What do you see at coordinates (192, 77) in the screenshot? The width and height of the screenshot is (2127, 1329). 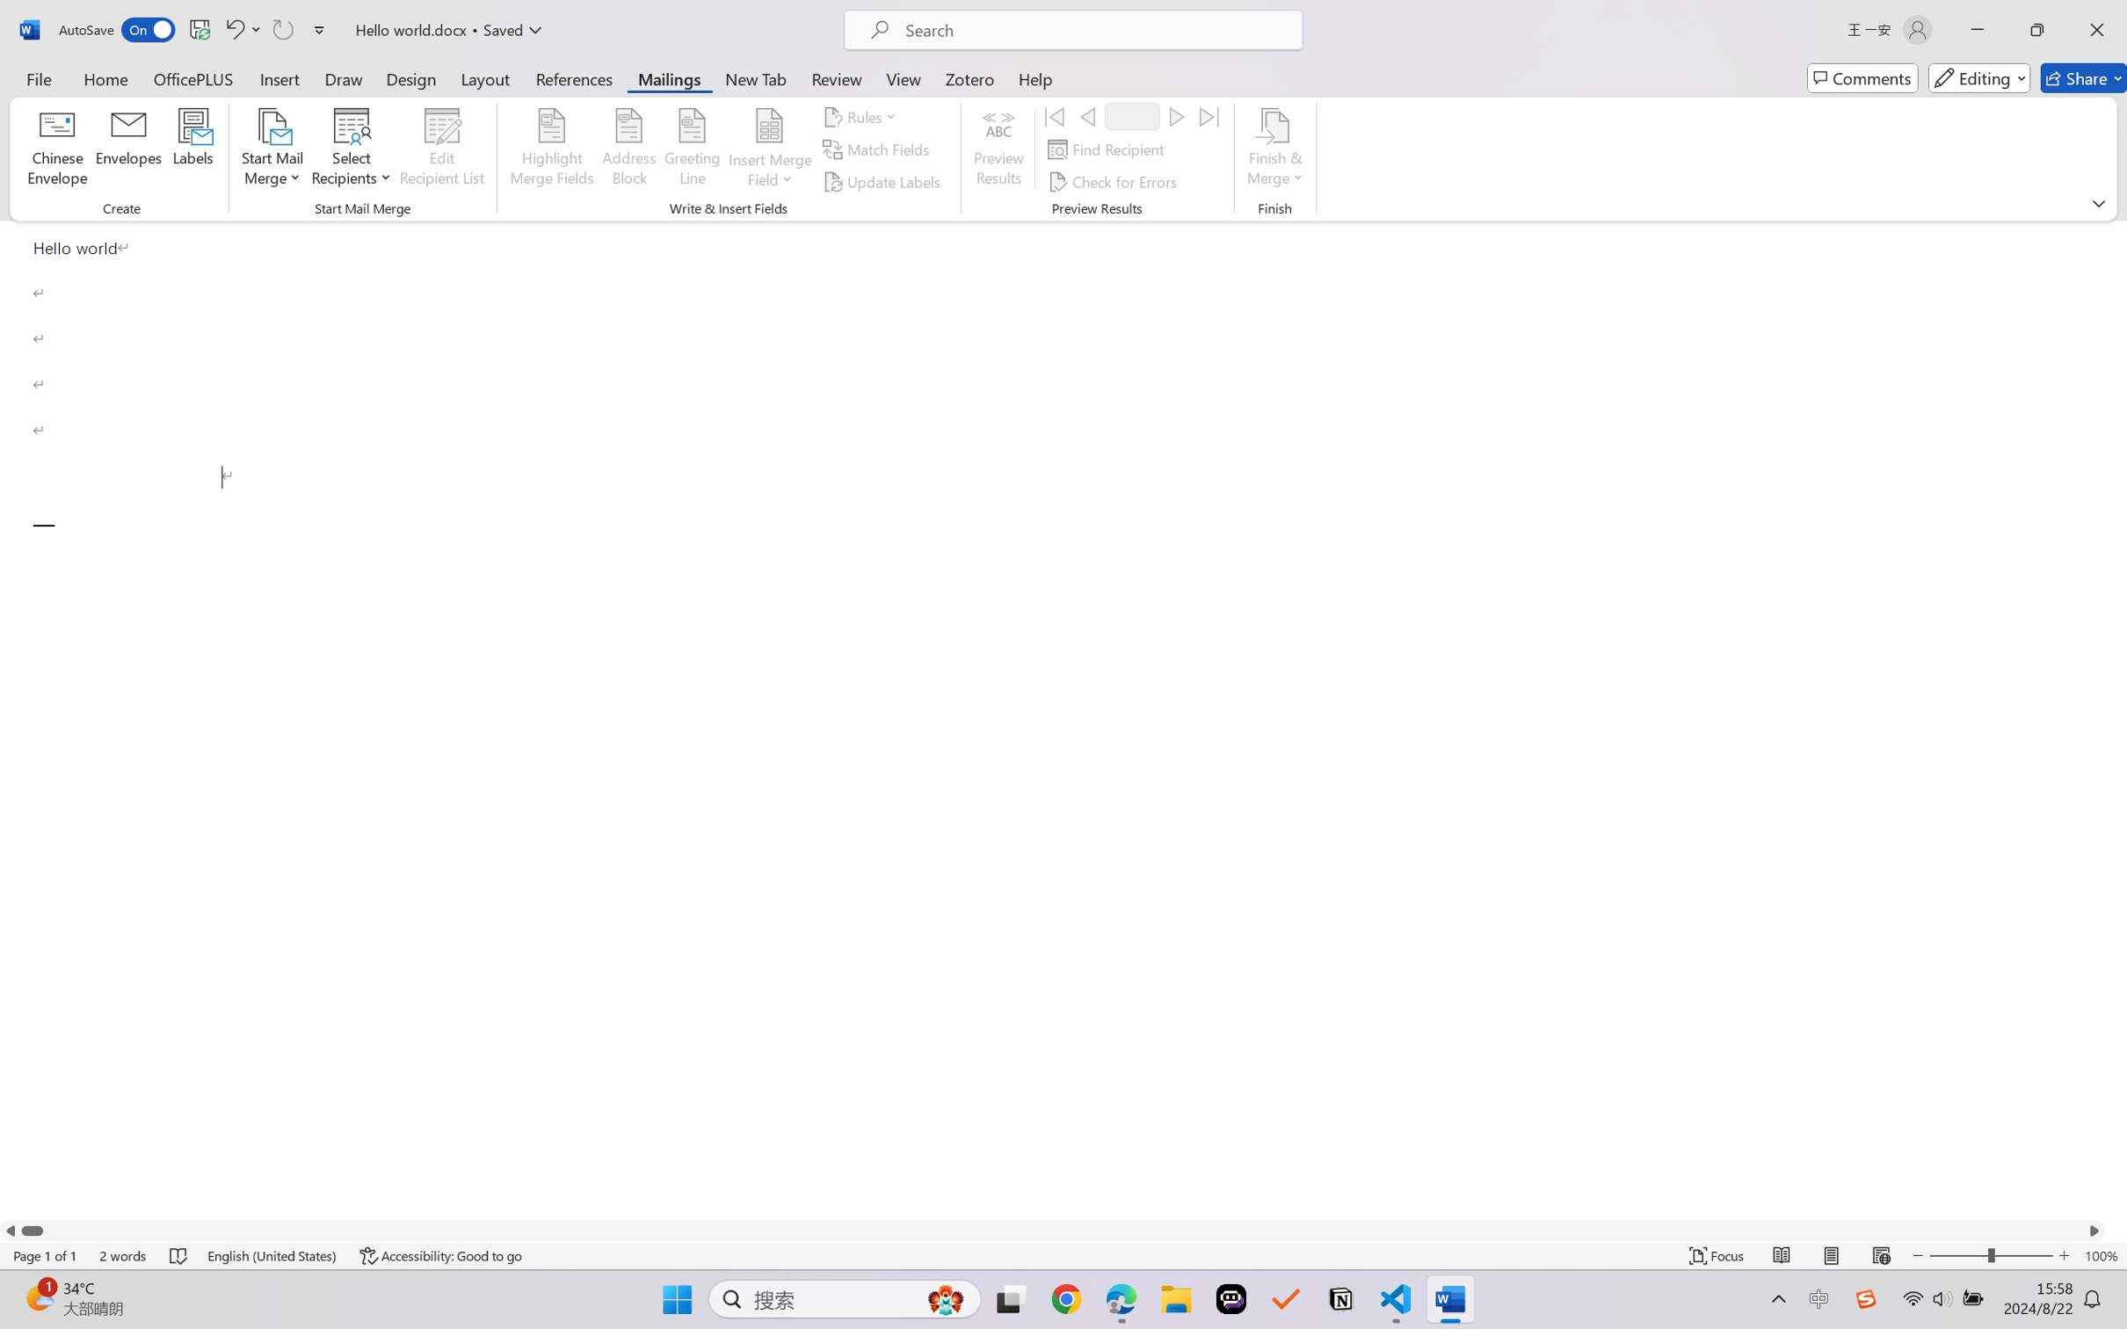 I see `'OfficePLUS'` at bounding box center [192, 77].